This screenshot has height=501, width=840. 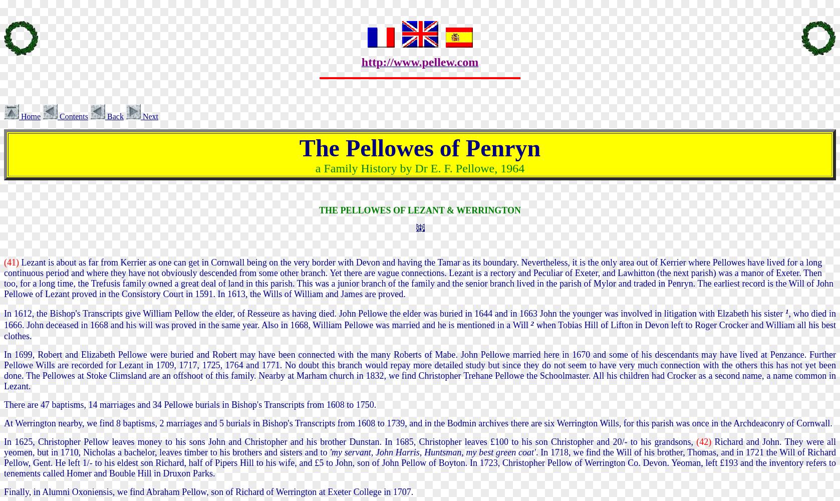 What do you see at coordinates (189, 404) in the screenshot?
I see `'There are
47 baptisms, 14 marriages and 34 Pellowe burials in Bishop's Transcripts from
1608 to 1750.'` at bounding box center [189, 404].